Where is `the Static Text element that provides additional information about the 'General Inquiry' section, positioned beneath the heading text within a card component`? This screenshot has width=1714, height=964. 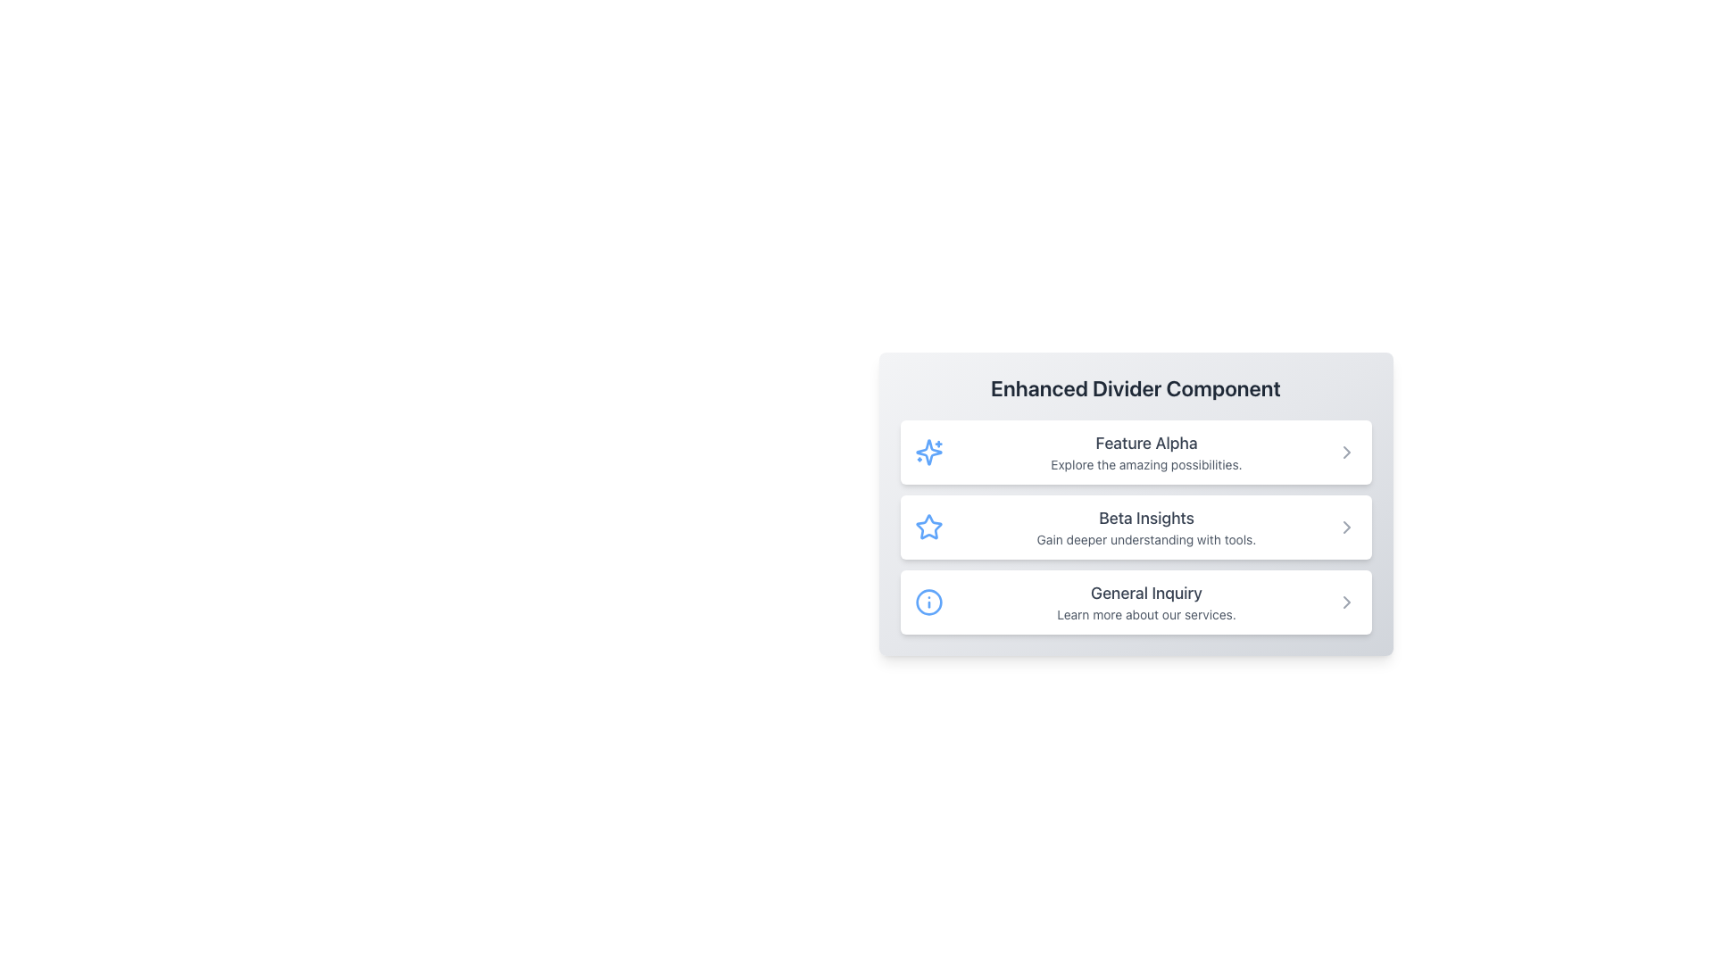
the Static Text element that provides additional information about the 'General Inquiry' section, positioned beneath the heading text within a card component is located at coordinates (1146, 614).